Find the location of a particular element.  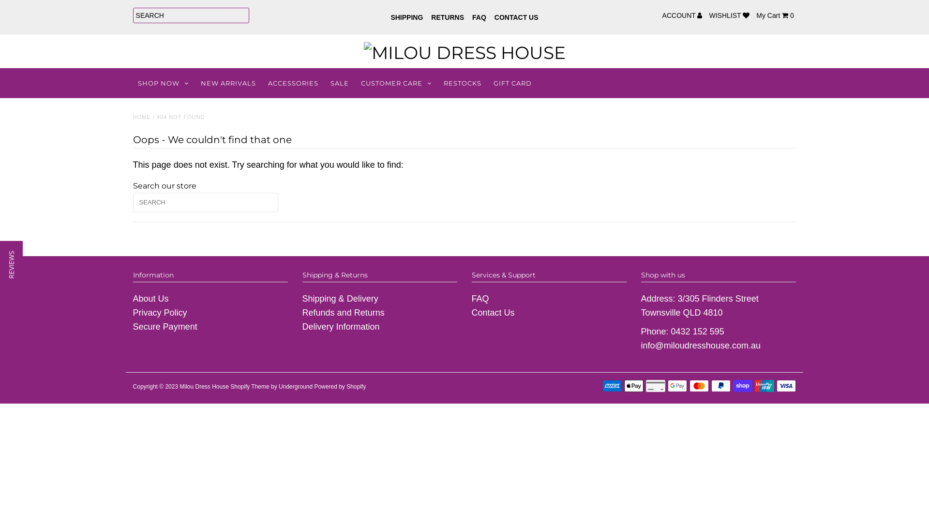

'GIFT CARD' is located at coordinates (512, 83).